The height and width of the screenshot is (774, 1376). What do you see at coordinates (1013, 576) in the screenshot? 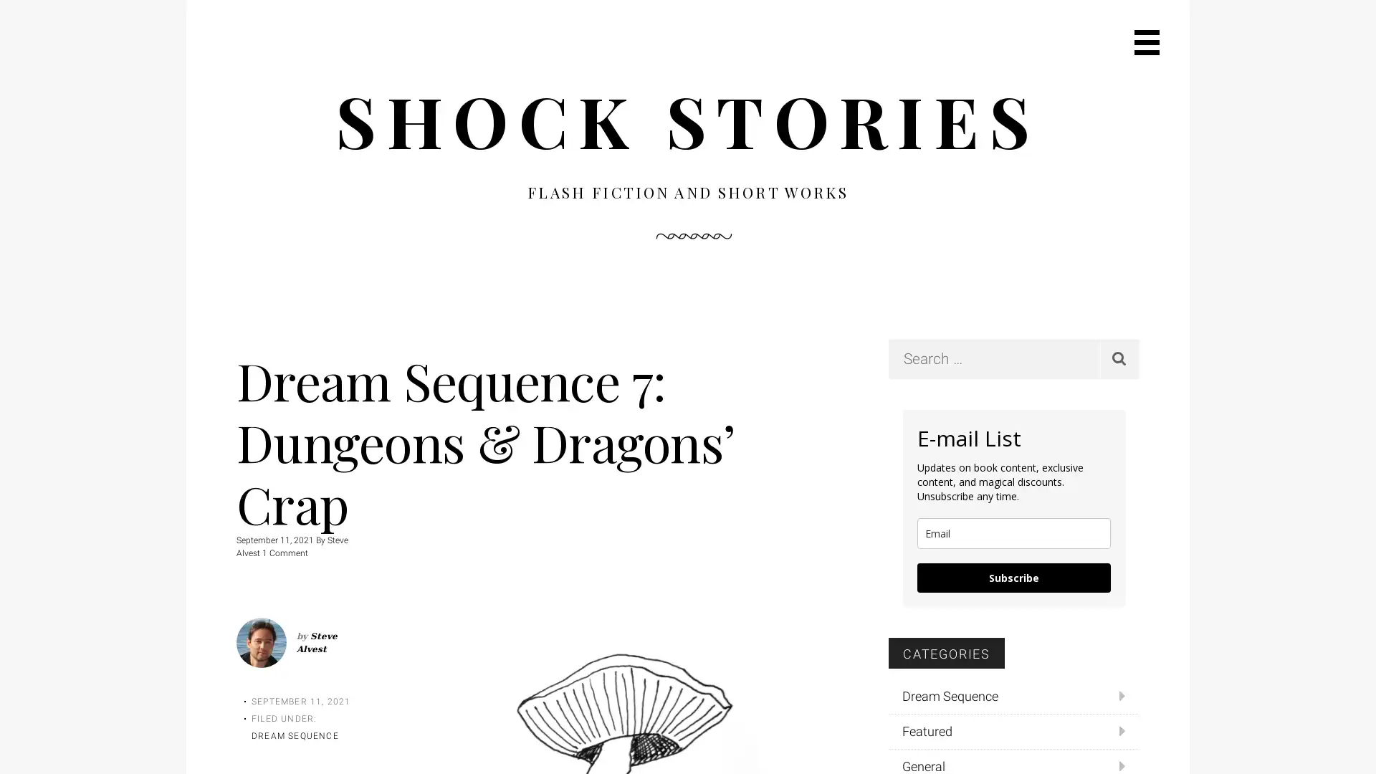
I see `Subscribe` at bounding box center [1013, 576].